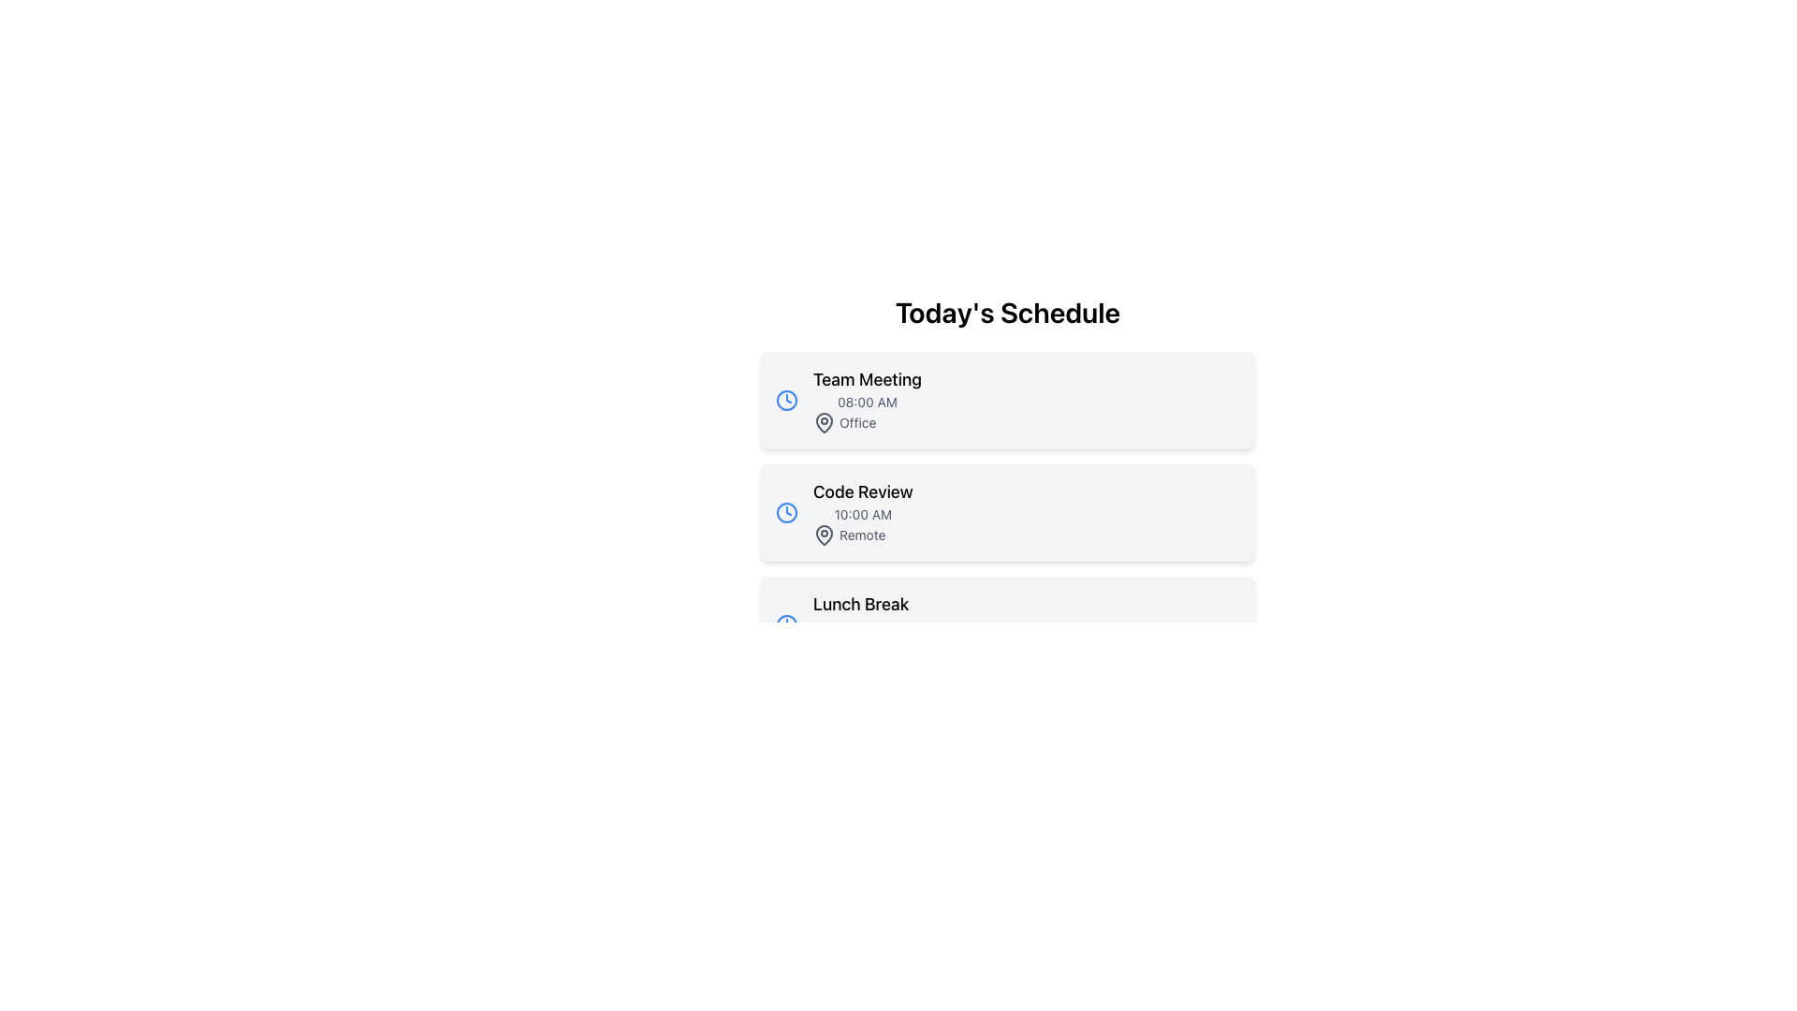  I want to click on the clock icon associated with the 'Lunch Break' block, which indicates the time '12:30 PM', so click(786, 624).